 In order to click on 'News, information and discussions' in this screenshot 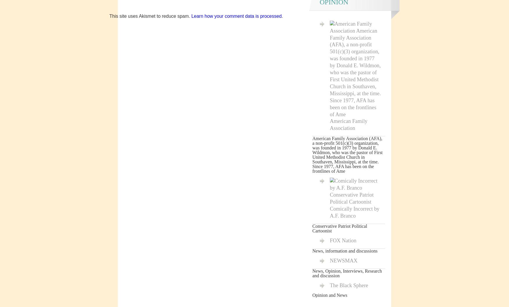, I will do `click(344, 250)`.